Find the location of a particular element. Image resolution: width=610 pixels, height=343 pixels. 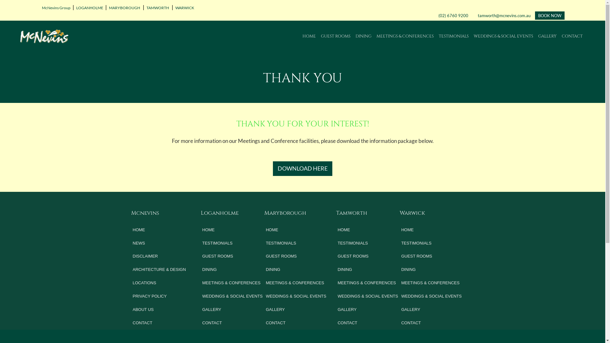

'GUEST ROOMS' is located at coordinates (233, 256).